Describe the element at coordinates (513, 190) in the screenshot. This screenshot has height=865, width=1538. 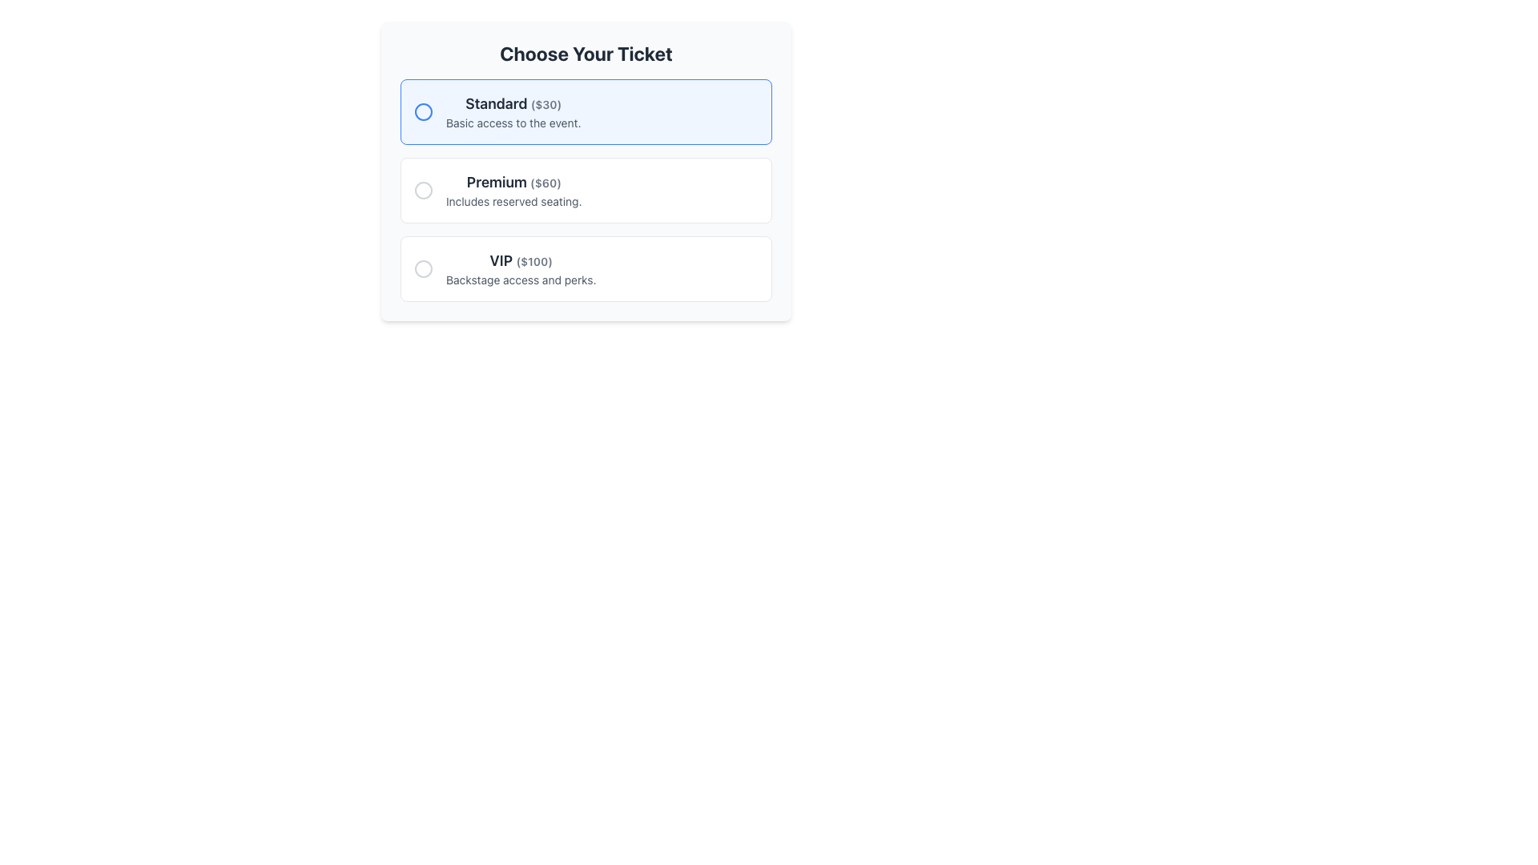
I see `the descriptive text component that conveys the description and pricing for the premium ticket option, located between the 'Standard ($30)' and 'VIP ($100)' options` at that location.